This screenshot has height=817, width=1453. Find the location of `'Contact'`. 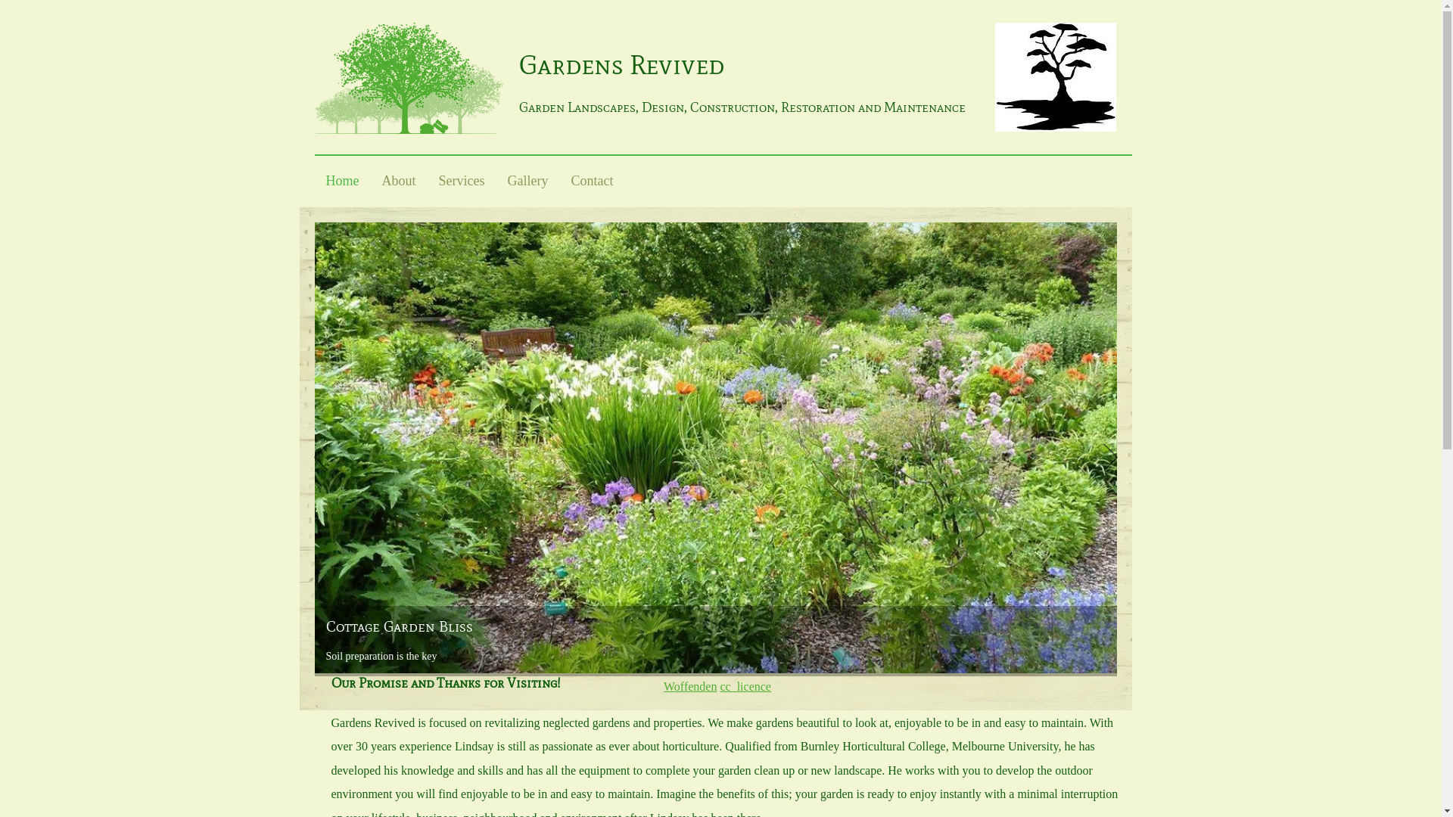

'Contact' is located at coordinates (591, 180).